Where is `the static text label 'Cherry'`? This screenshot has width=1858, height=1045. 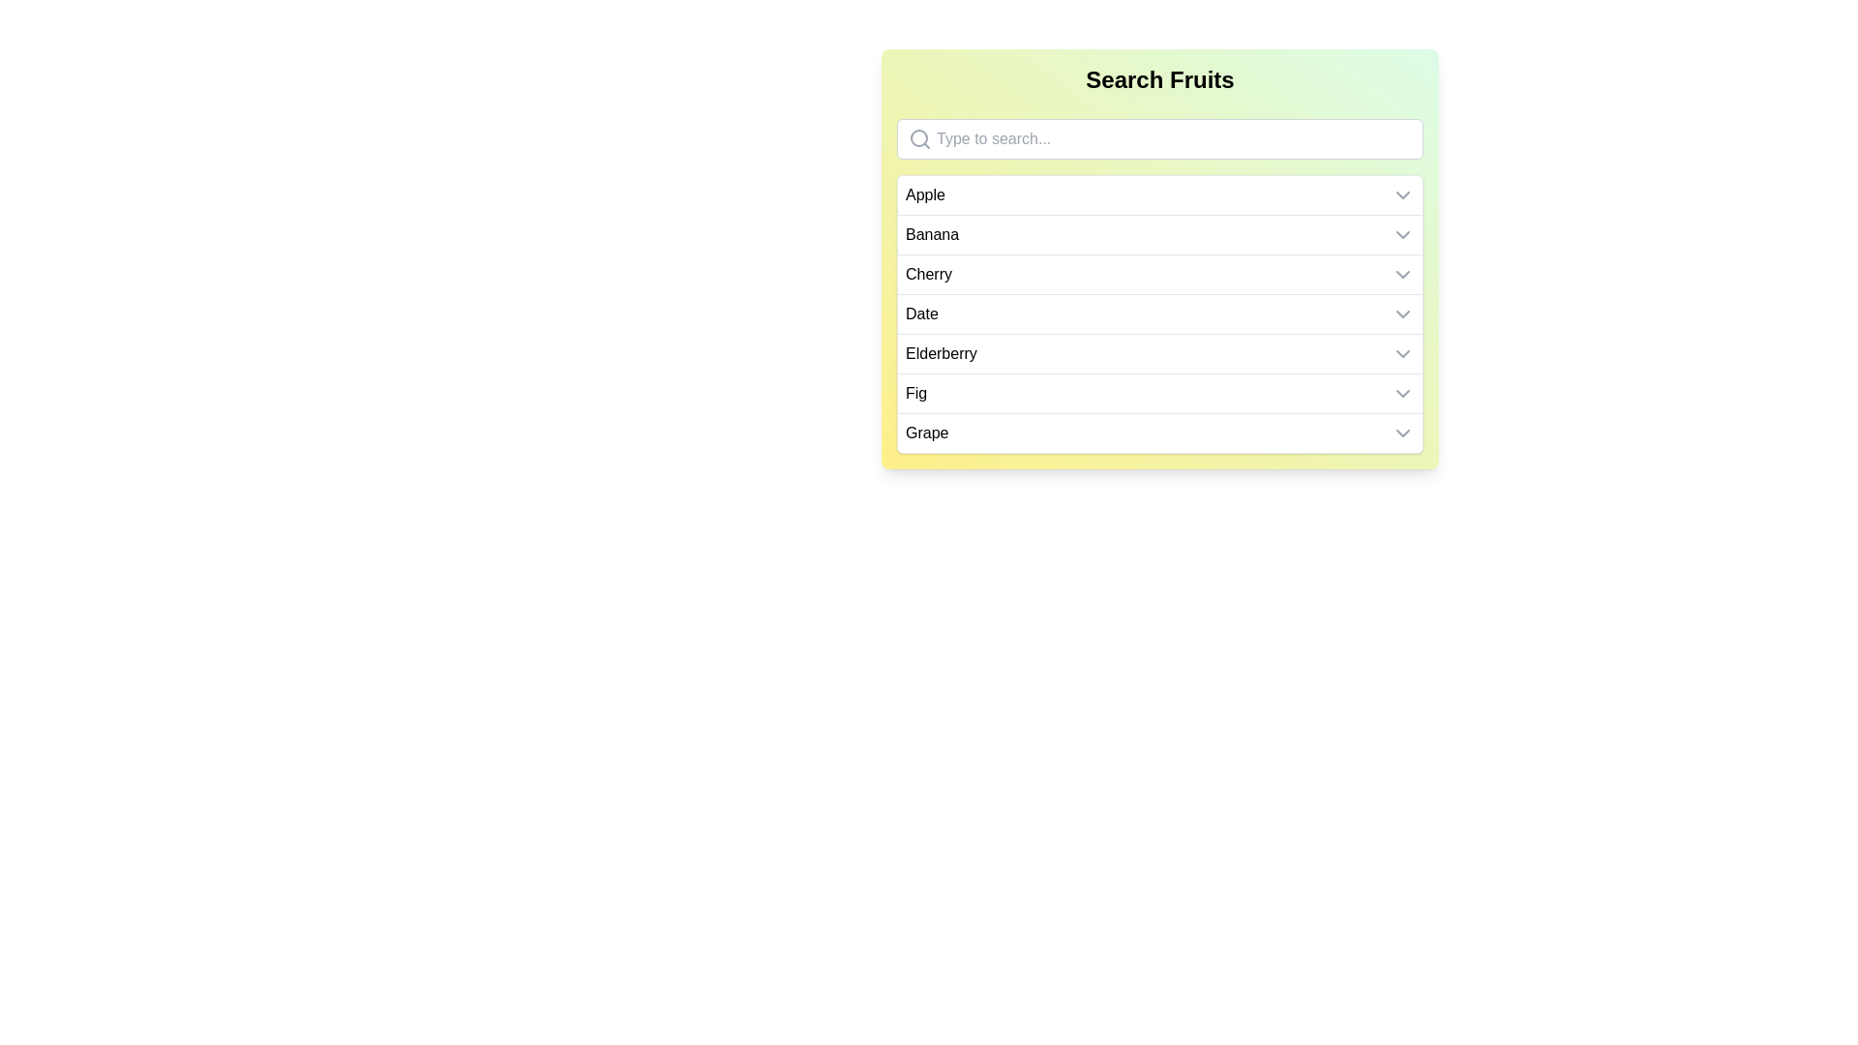 the static text label 'Cherry' is located at coordinates (929, 275).